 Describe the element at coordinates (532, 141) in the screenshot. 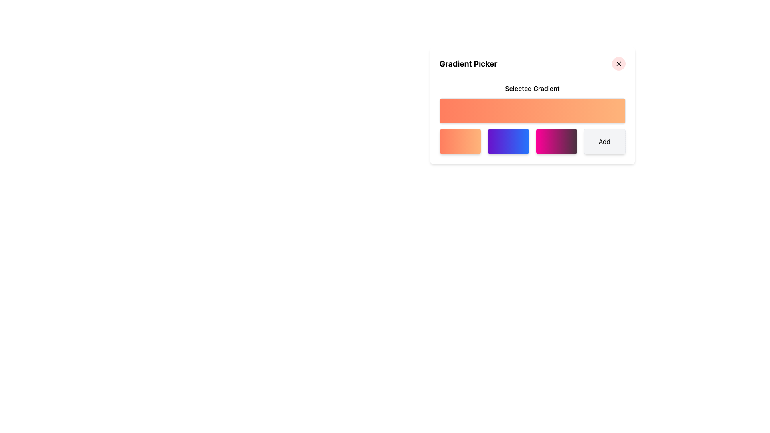

I see `the gradient preview button, which is the third tile in the grid layout under the 'Selected Gradient' label` at that location.